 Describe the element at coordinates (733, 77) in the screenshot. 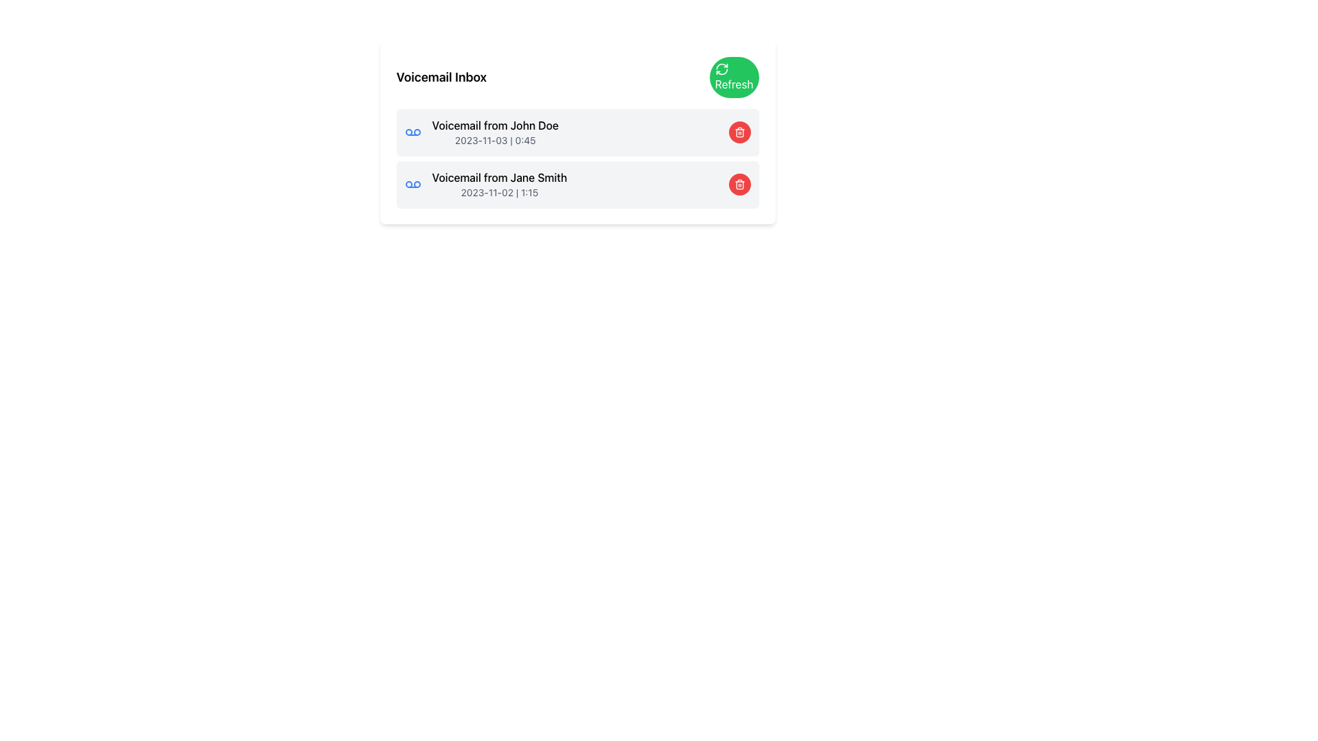

I see `the refresh button located in the top-right corner of the voicemail inbox section, which updates the content of the voicemail inbox` at that location.